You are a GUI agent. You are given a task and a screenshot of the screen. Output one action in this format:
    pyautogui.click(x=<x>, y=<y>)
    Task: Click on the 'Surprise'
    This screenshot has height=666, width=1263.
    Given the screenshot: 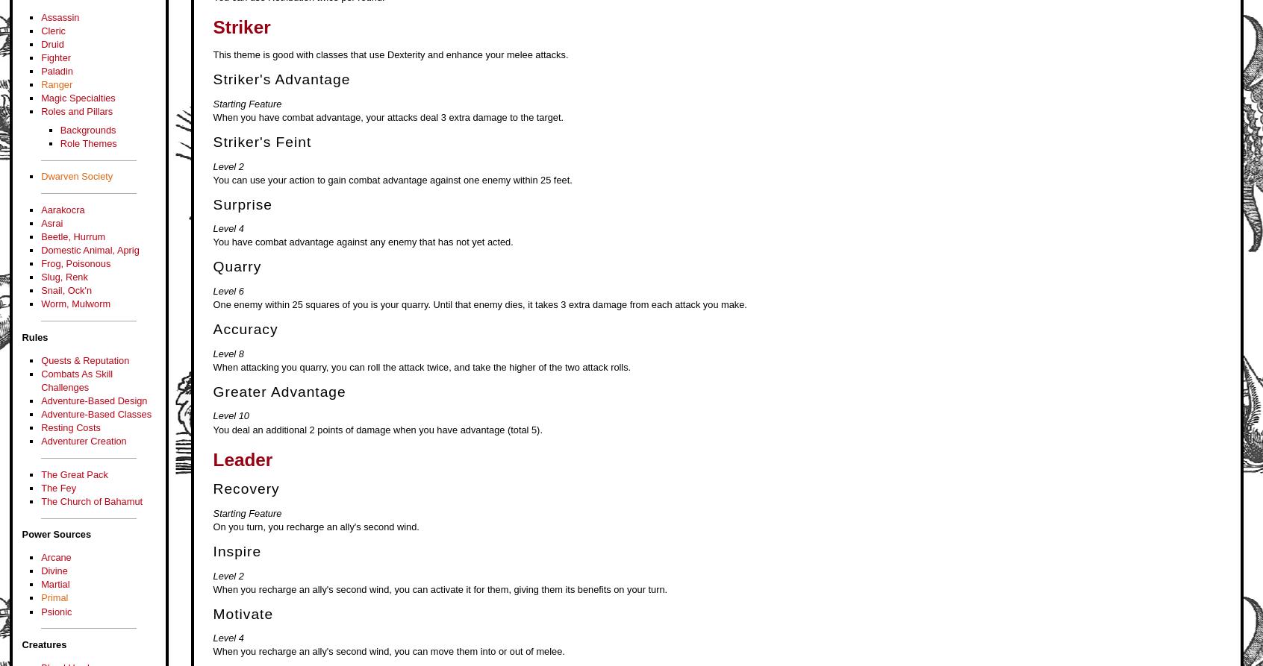 What is the action you would take?
    pyautogui.click(x=242, y=203)
    